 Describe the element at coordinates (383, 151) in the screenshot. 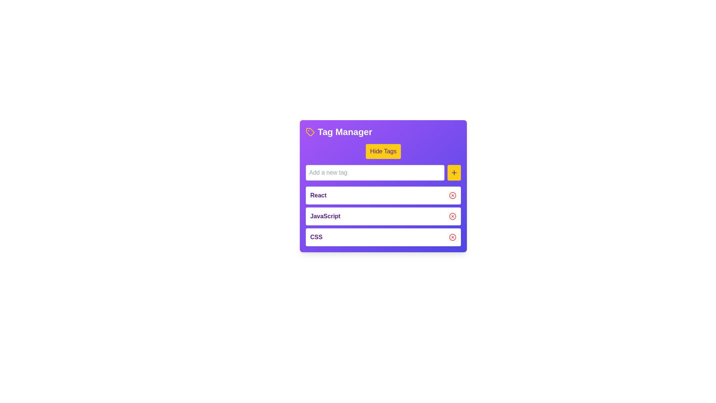

I see `the 'Hide Tags' button, which is a rectangular button with a yellow background and purple text, located within the 'Tag Manager' card` at that location.